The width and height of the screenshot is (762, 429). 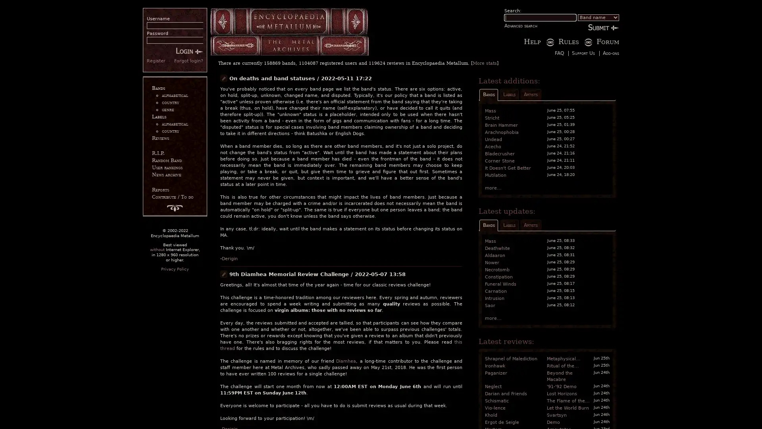 I want to click on Login, so click(x=189, y=50).